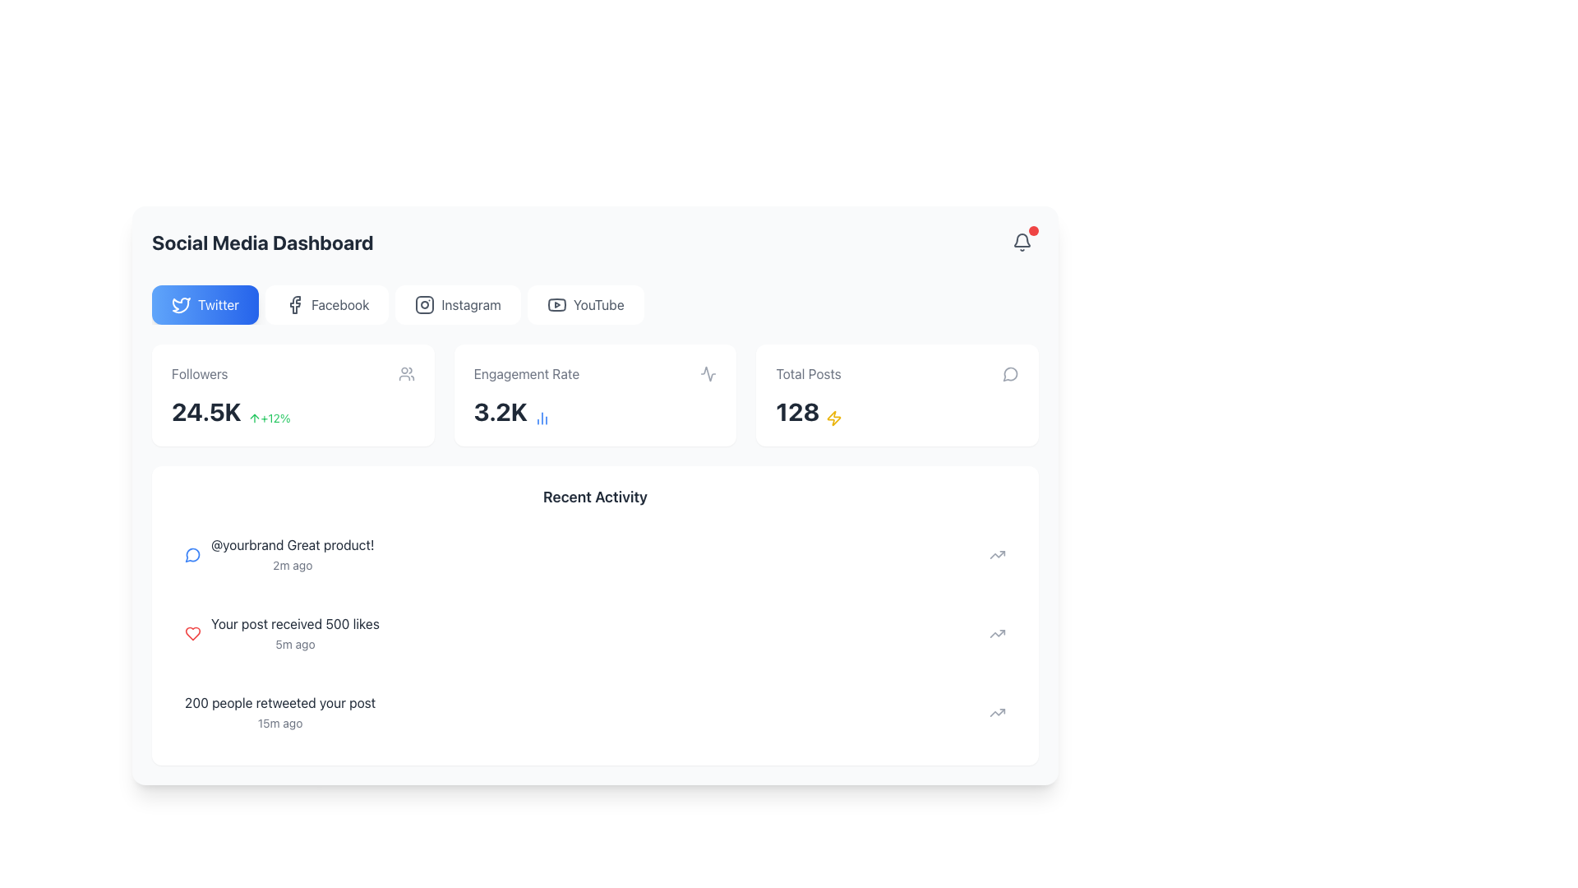  Describe the element at coordinates (808, 374) in the screenshot. I see `the 'Total Posts' text label displayed in gray color on the right-hand side of the dashboard summary cards` at that location.